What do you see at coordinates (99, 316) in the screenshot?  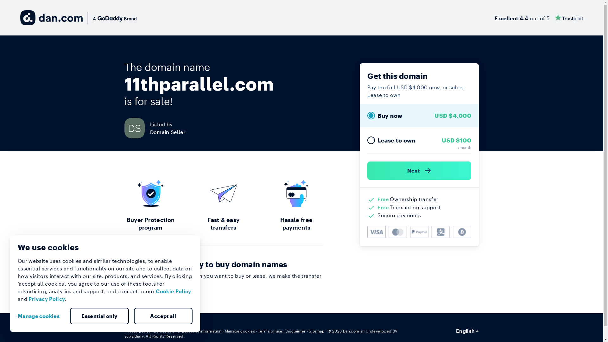 I see `'Essential only'` at bounding box center [99, 316].